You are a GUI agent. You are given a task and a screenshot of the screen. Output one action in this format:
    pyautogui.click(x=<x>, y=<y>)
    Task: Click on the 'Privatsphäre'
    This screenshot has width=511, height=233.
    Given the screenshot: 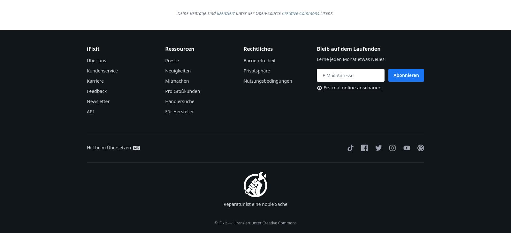 What is the action you would take?
    pyautogui.click(x=256, y=71)
    